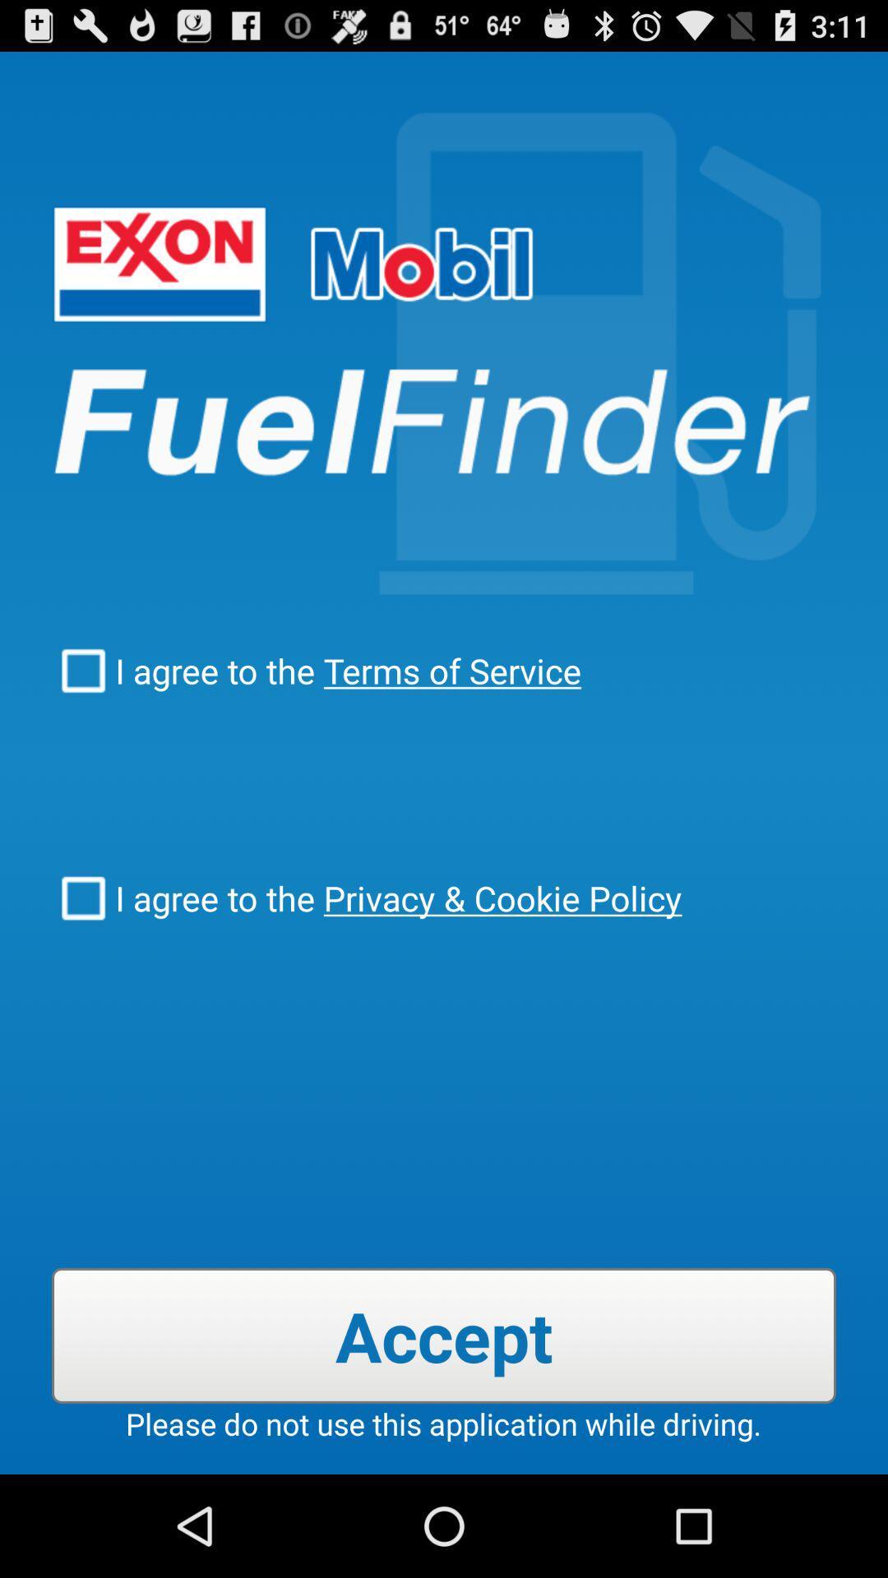 This screenshot has height=1578, width=888. What do you see at coordinates (497, 897) in the screenshot?
I see `the checkbox next to the i agree to item` at bounding box center [497, 897].